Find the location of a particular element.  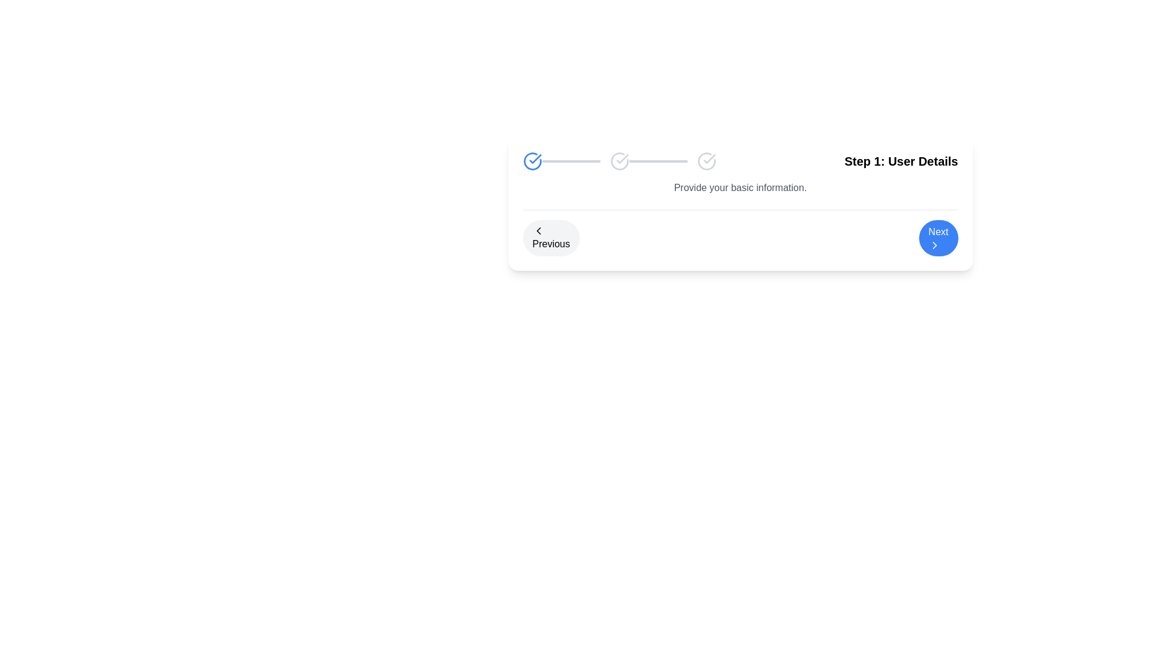

the text label that serves as a subheading or instruction below the title 'Step 1: User Details' is located at coordinates (740, 188).